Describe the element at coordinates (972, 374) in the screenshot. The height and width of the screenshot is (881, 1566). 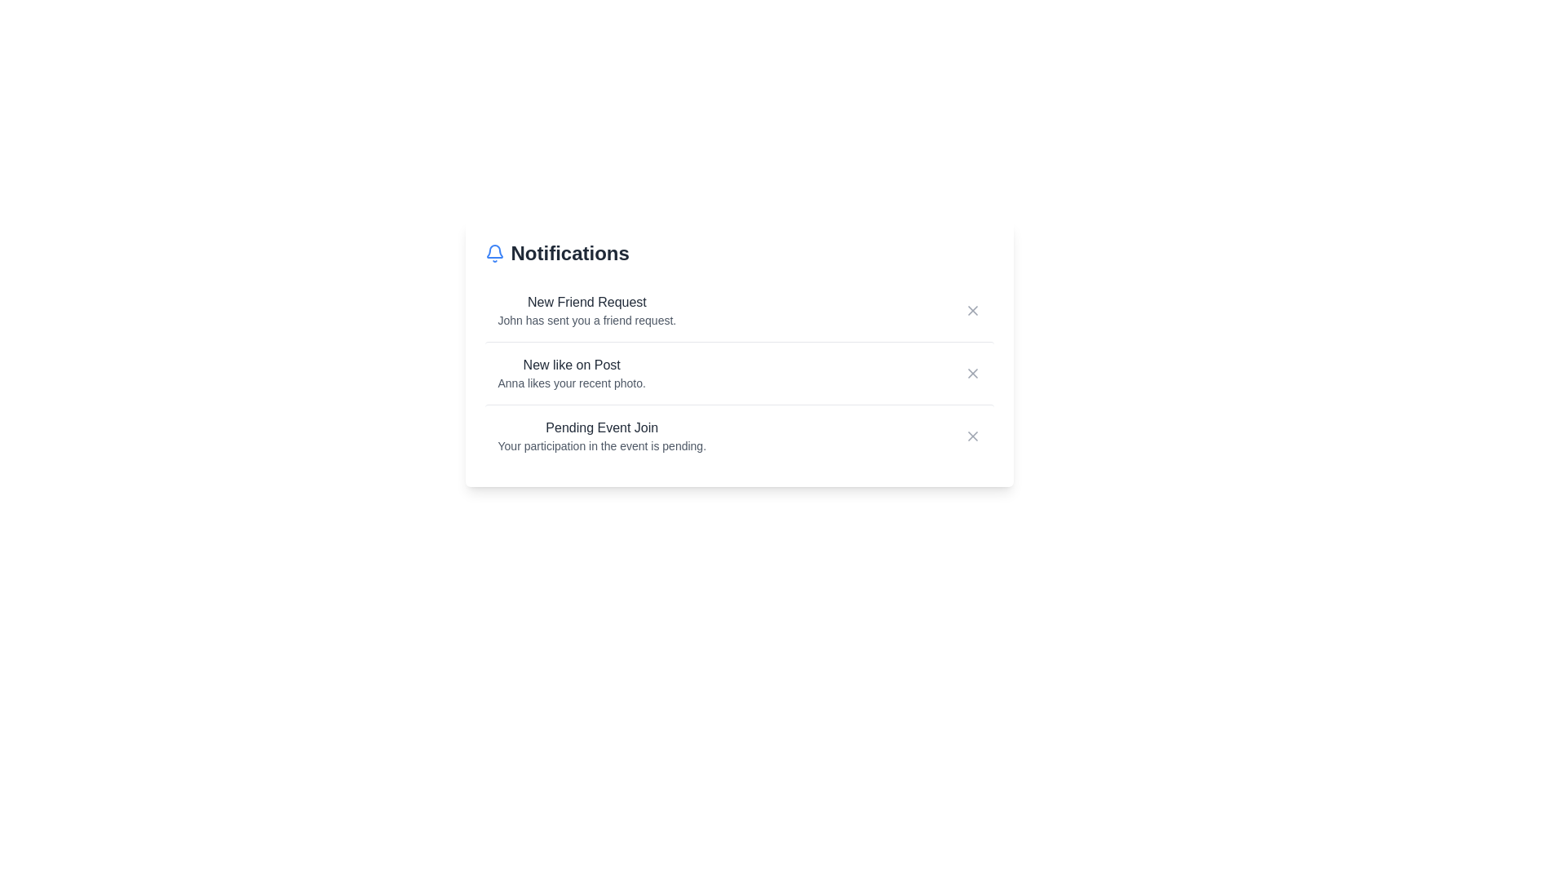
I see `the close button for the notification titled 'New like on Post'` at that location.